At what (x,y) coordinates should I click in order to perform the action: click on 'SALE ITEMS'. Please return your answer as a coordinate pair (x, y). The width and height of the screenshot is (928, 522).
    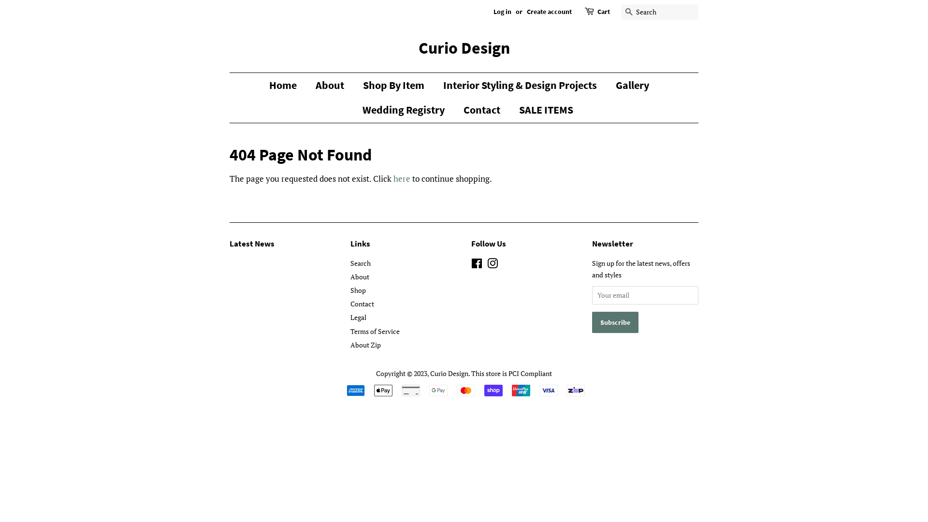
    Looking at the image, I should click on (542, 109).